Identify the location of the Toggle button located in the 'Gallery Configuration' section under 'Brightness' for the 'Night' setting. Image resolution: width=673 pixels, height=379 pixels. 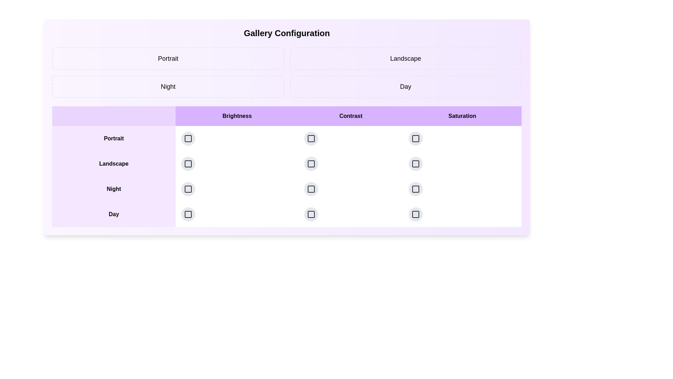
(188, 189).